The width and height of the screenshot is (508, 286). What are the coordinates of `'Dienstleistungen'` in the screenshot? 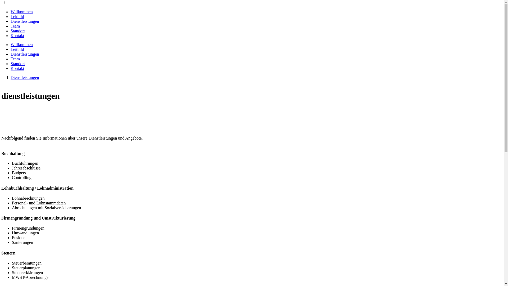 It's located at (25, 21).